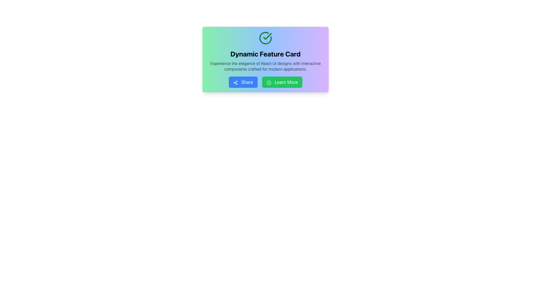 This screenshot has width=543, height=305. I want to click on the upper arc of the circular check icon within the SVG graphic that signifies approval, located above the heading text 'Dynamic Feature Card', so click(265, 38).